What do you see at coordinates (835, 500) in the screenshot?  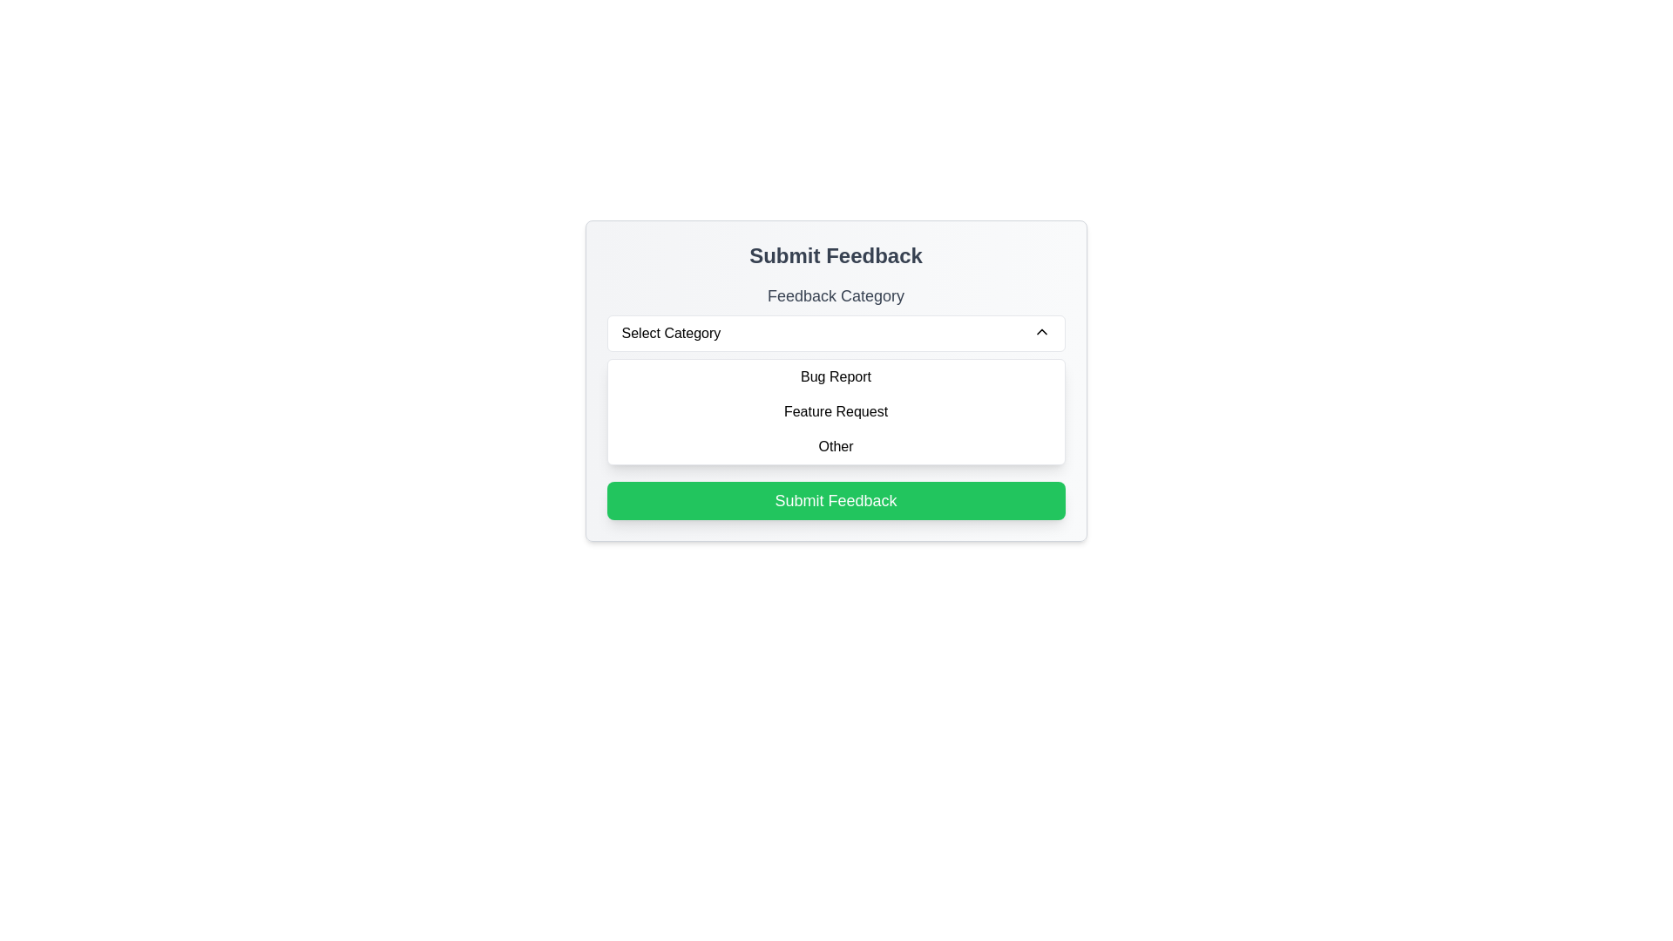 I see `the submission button located below the 'Your Feedback' text input field in the feedback submission form` at bounding box center [835, 500].